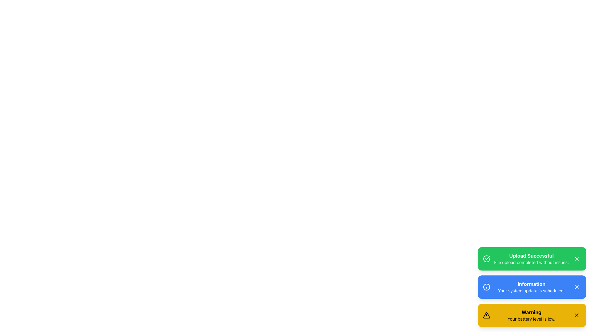 The image size is (591, 332). Describe the element at coordinates (576, 259) in the screenshot. I see `the small circular close button with a cross mark located at the top-right corner of the 'Upload Successful' notification card` at that location.